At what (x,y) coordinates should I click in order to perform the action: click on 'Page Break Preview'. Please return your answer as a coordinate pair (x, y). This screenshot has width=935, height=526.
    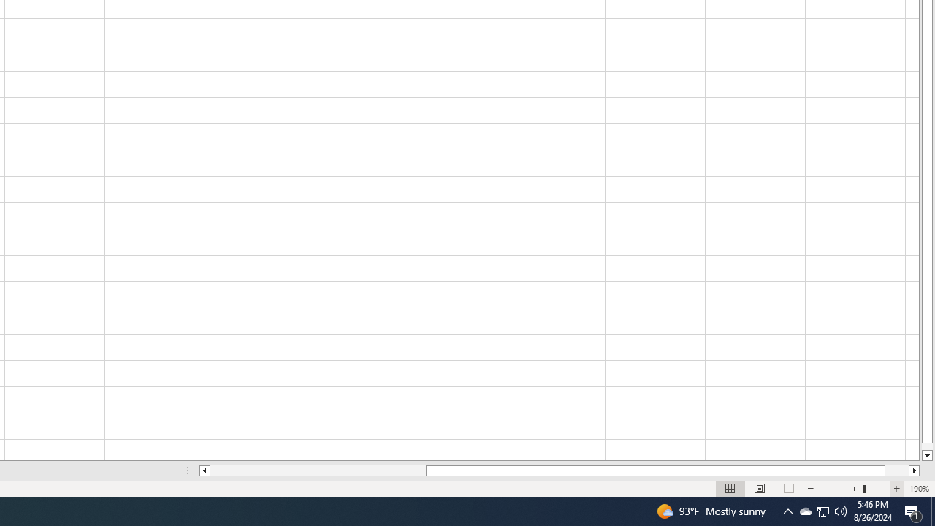
    Looking at the image, I should click on (787, 489).